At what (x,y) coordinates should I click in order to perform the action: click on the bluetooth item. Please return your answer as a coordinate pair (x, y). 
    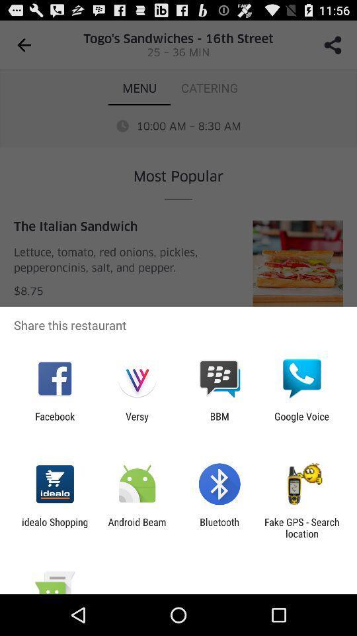
    Looking at the image, I should click on (219, 527).